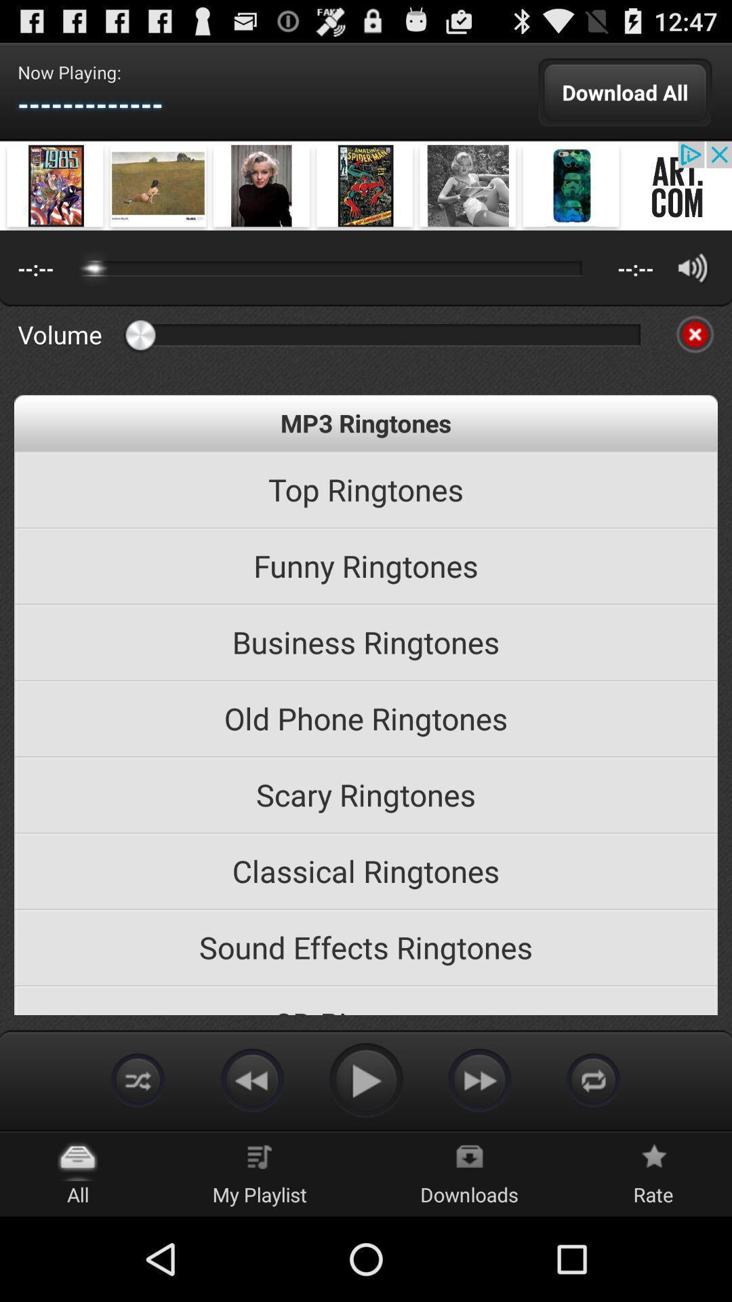  Describe the element at coordinates (693, 268) in the screenshot. I see `volume control` at that location.